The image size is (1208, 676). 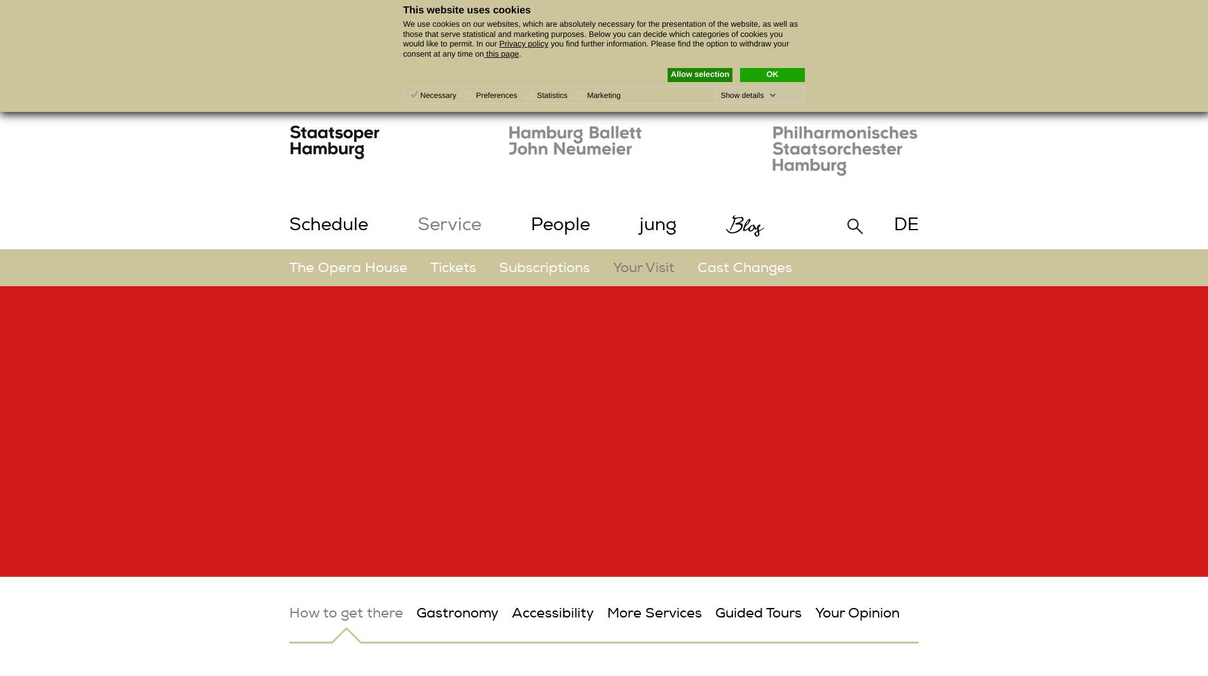 I want to click on 'Schedule', so click(x=328, y=224).